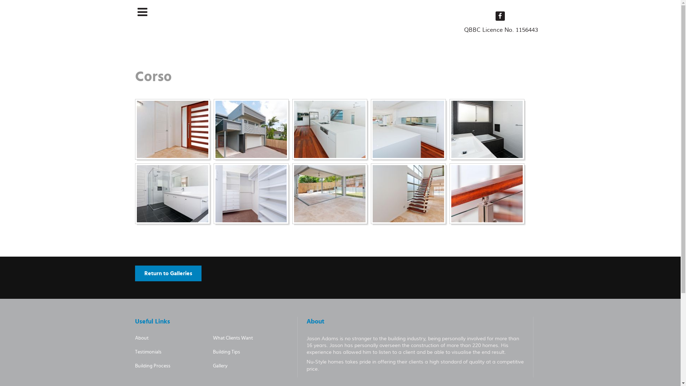  What do you see at coordinates (142, 338) in the screenshot?
I see `'About'` at bounding box center [142, 338].